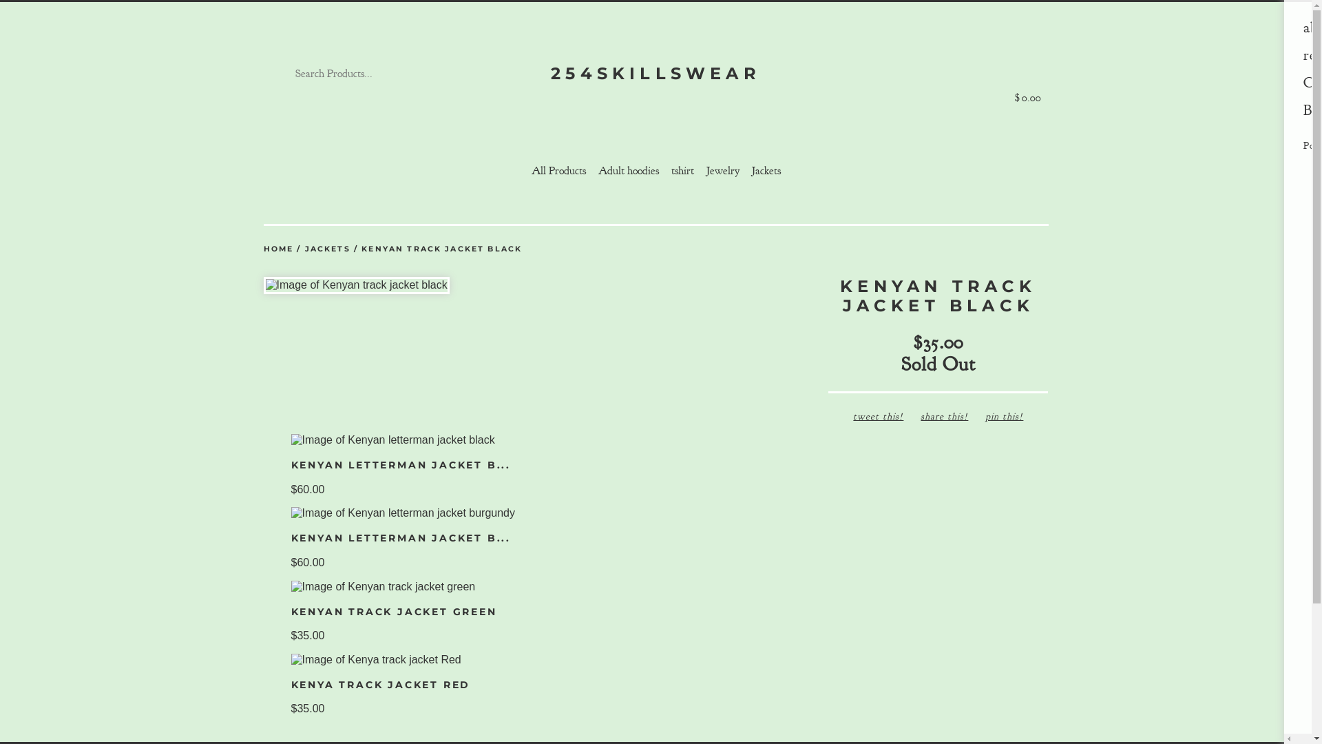 Image resolution: width=1322 pixels, height=744 pixels. I want to click on 'tweet this!', so click(877, 415).